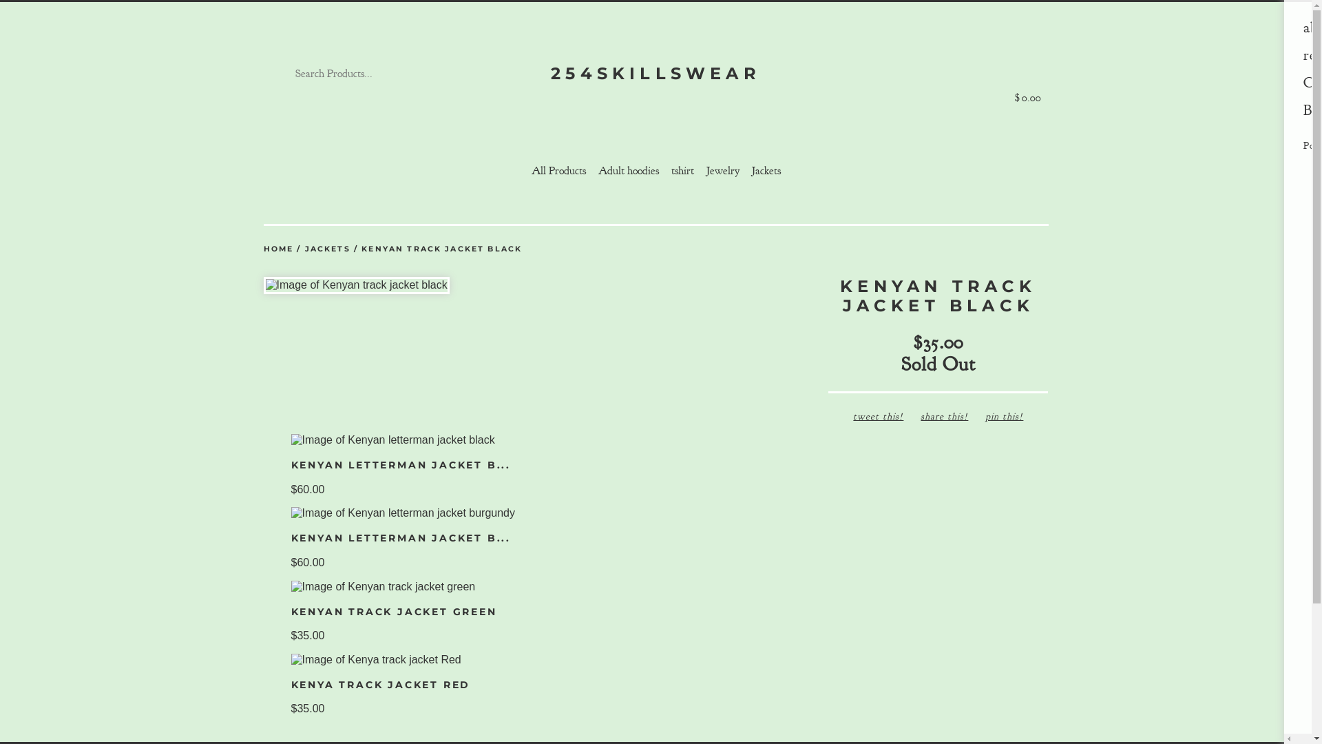 Image resolution: width=1322 pixels, height=744 pixels. I want to click on 'tweet this!', so click(877, 415).